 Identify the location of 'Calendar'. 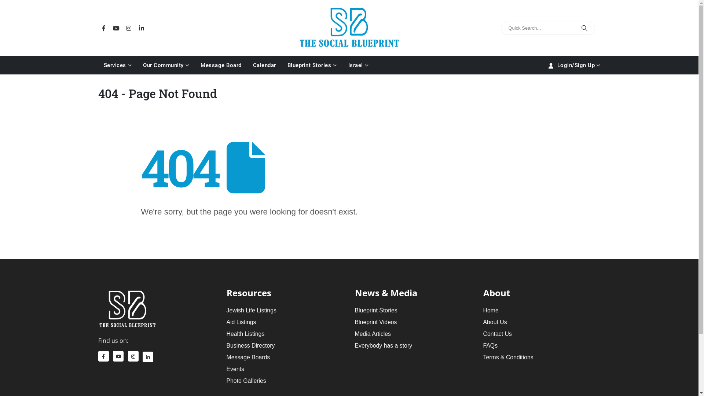
(264, 65).